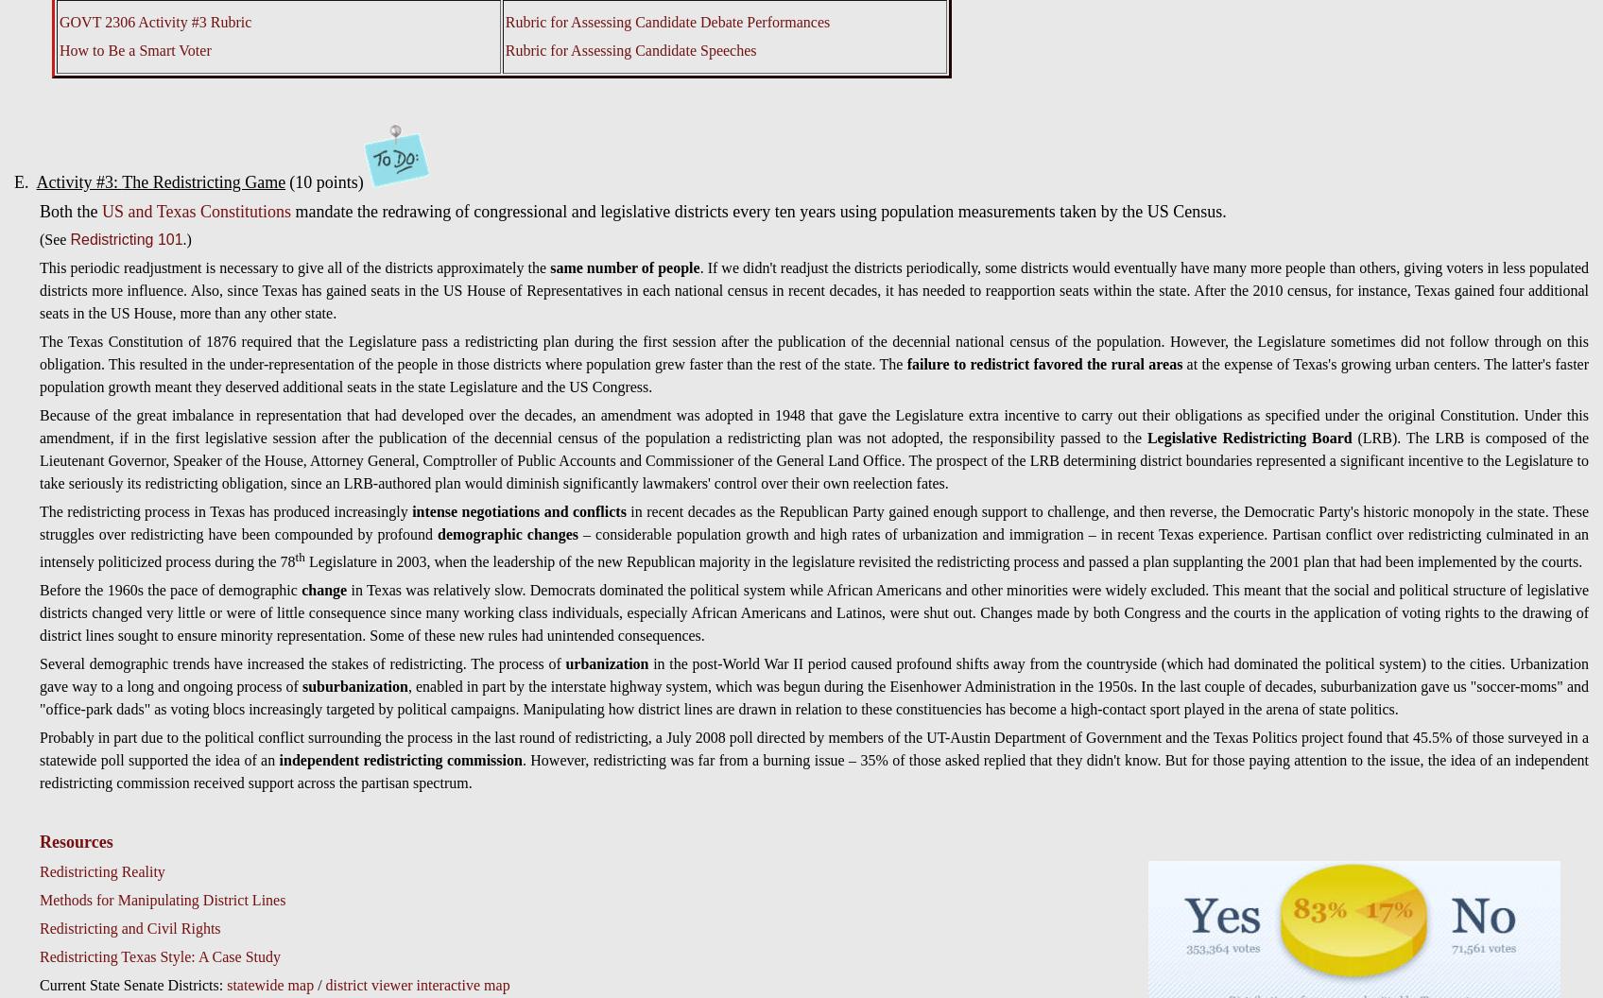  What do you see at coordinates (295, 267) in the screenshot?
I see `'This periodic readjustment is necessary to give all of the districts approximately the'` at bounding box center [295, 267].